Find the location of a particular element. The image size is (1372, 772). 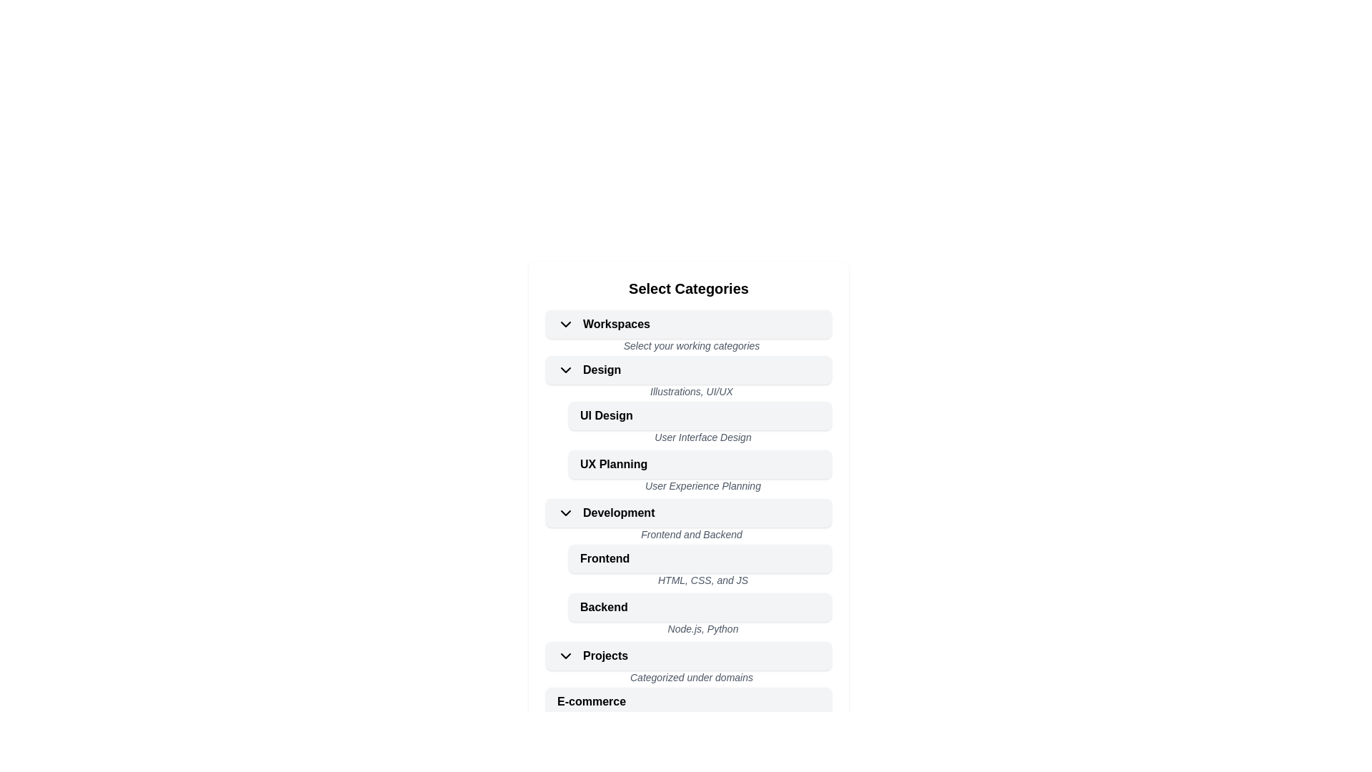

the 'Design' category label is located at coordinates (589, 369).